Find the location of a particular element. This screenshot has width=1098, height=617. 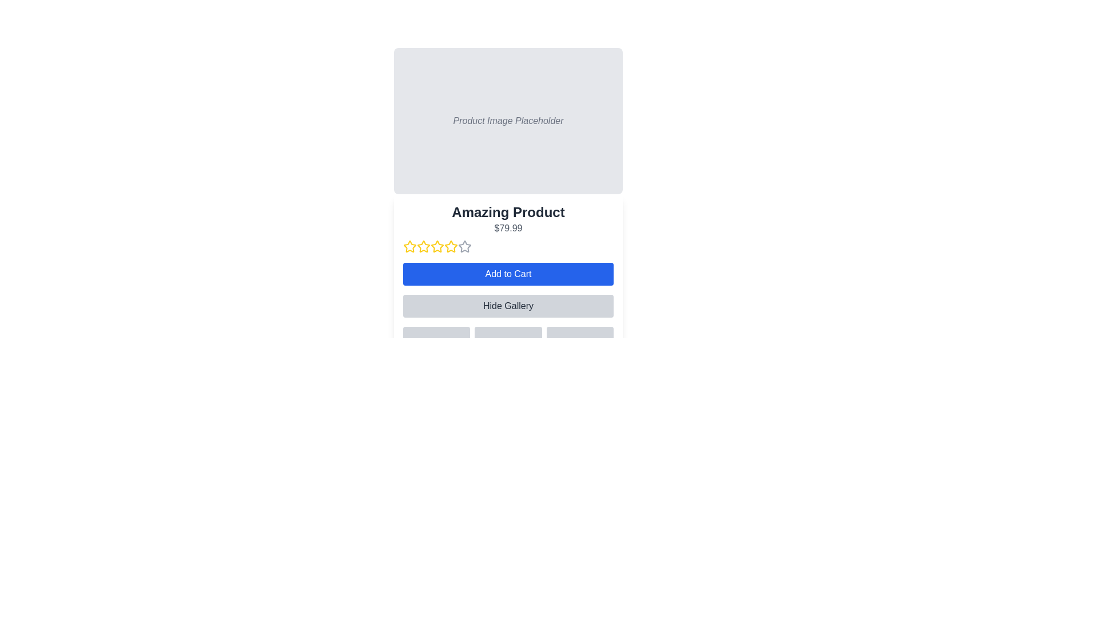

the 'Add to Cart' button located on the panel titled 'Amazing Product', which features a white background, rounded corners, and a row of star icons for rating is located at coordinates (507, 287).